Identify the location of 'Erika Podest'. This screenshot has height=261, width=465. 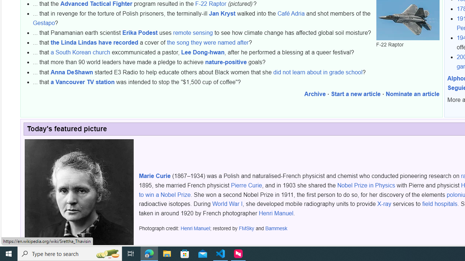
(139, 33).